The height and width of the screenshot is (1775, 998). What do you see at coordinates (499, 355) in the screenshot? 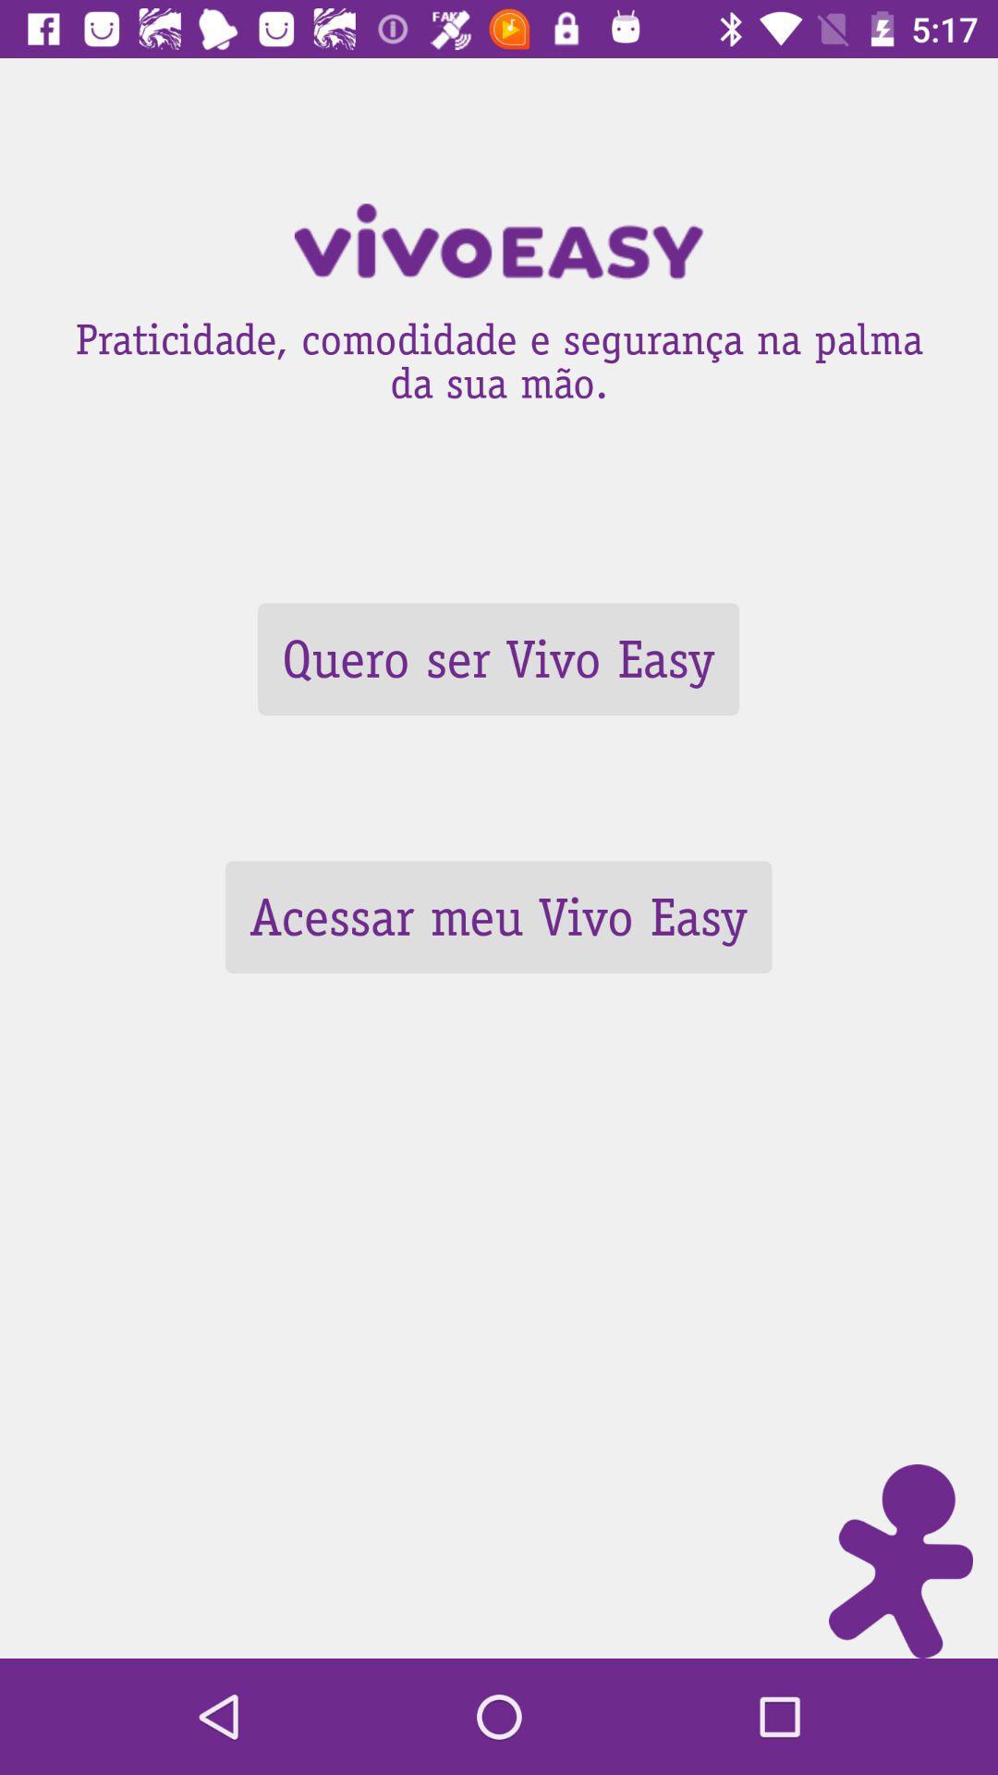
I see `praticidade comodidade e item` at bounding box center [499, 355].